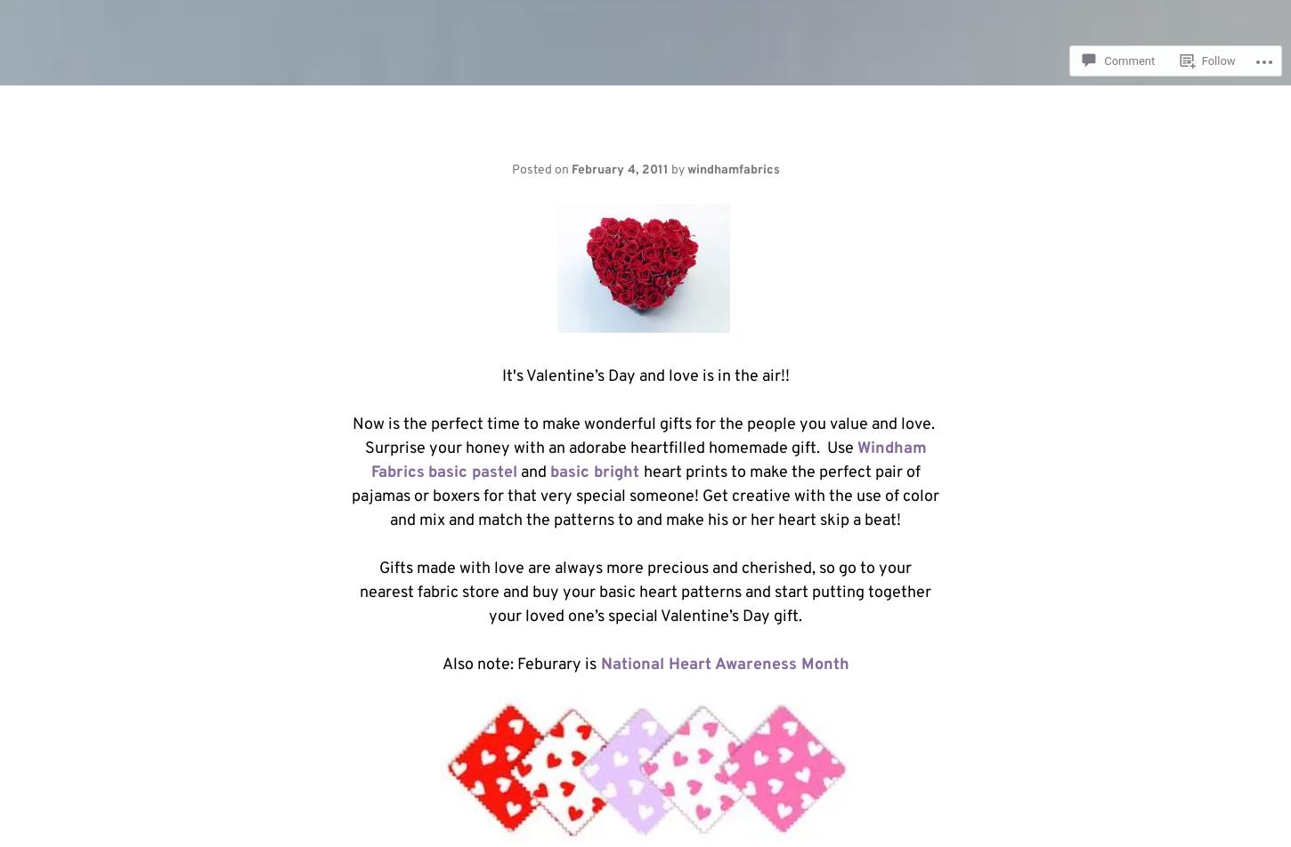 This screenshot has height=847, width=1291. Describe the element at coordinates (618, 169) in the screenshot. I see `'February 4, 2011'` at that location.